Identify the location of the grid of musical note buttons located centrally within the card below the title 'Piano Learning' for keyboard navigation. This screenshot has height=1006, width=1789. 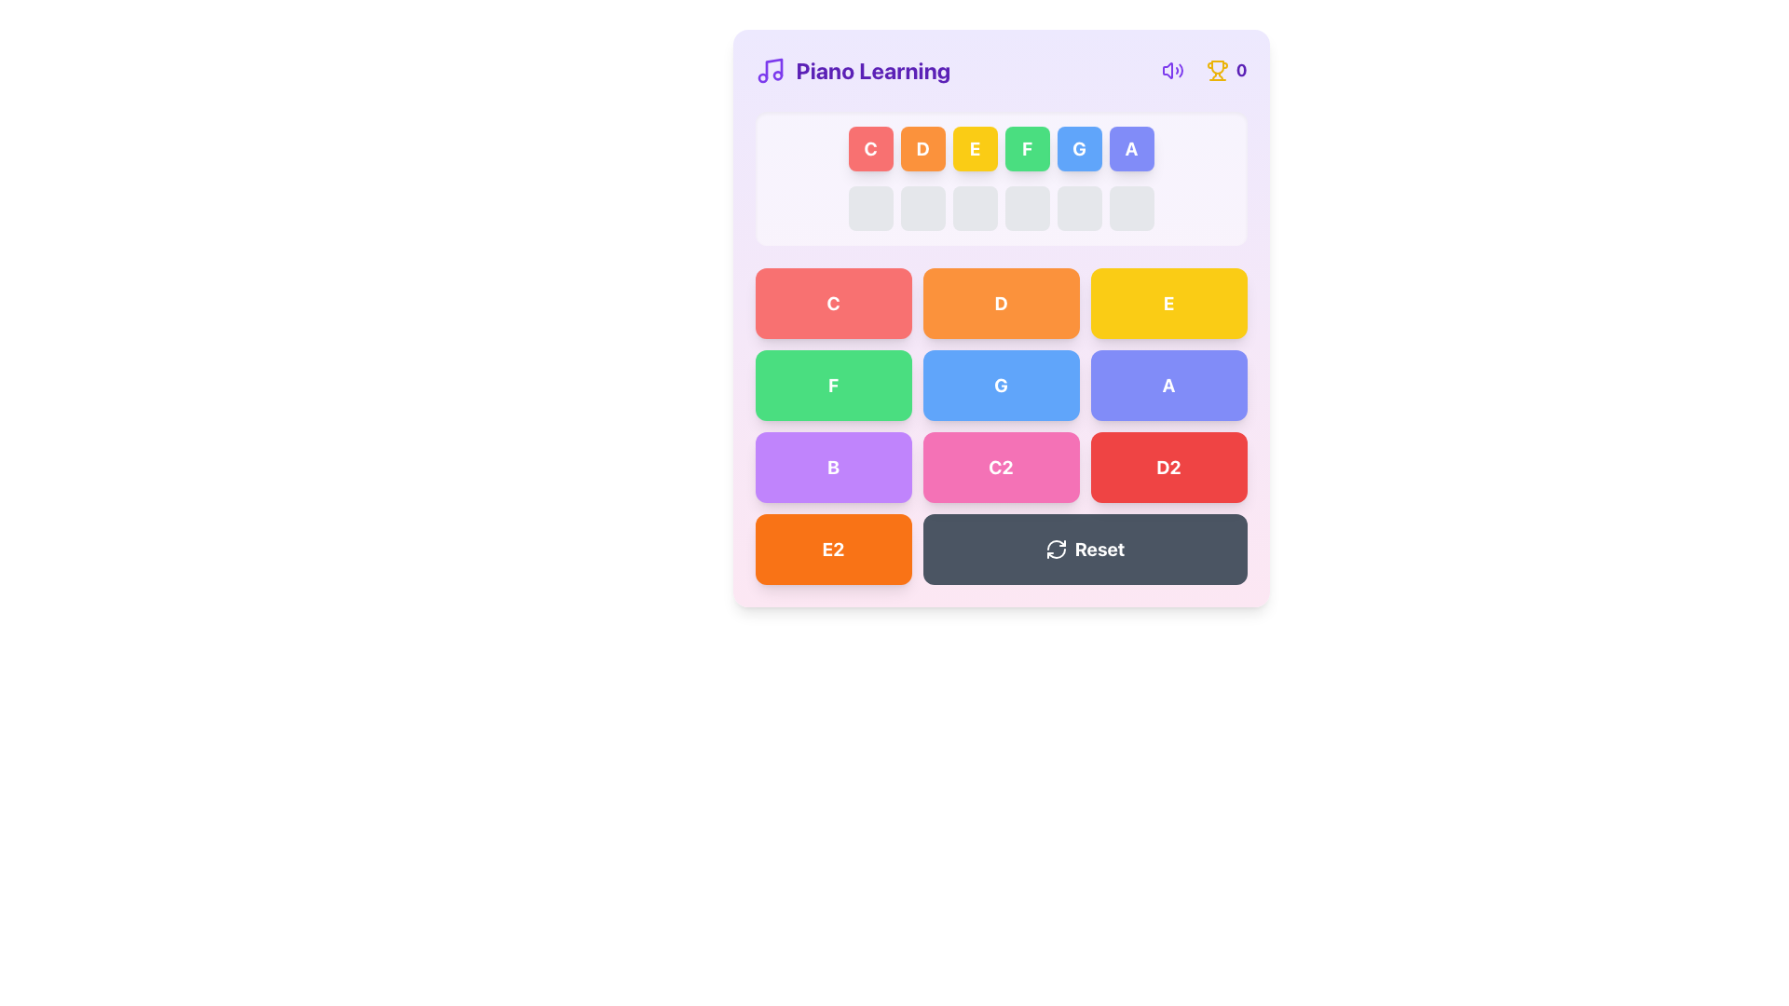
(1000, 427).